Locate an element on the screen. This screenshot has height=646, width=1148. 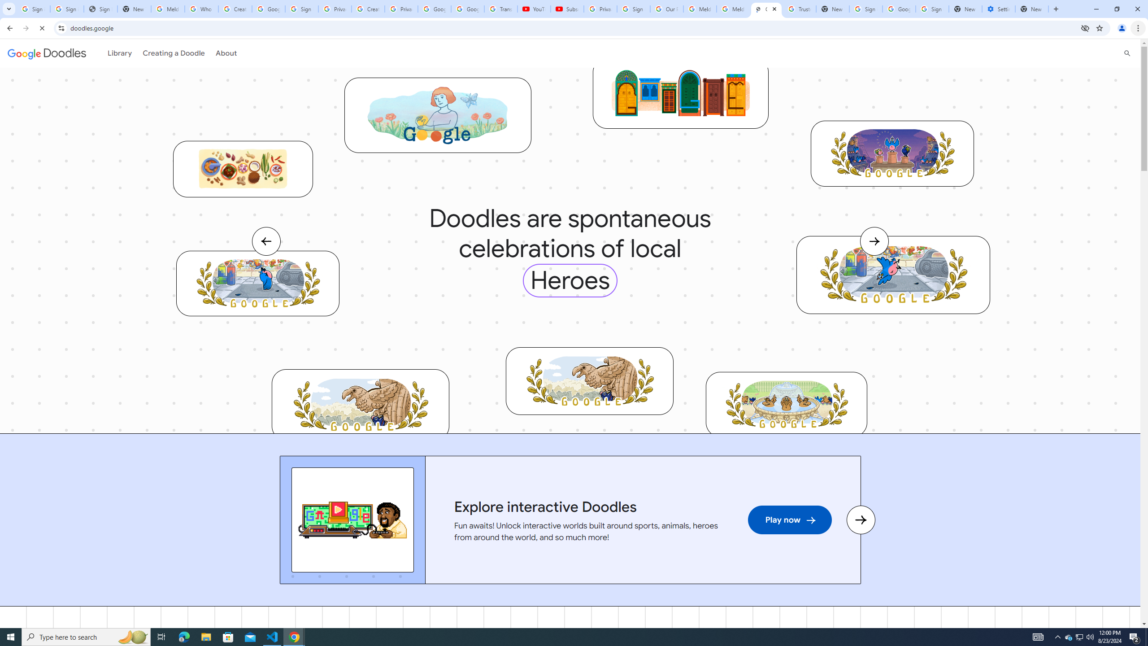
'YouTube' is located at coordinates (534, 9).